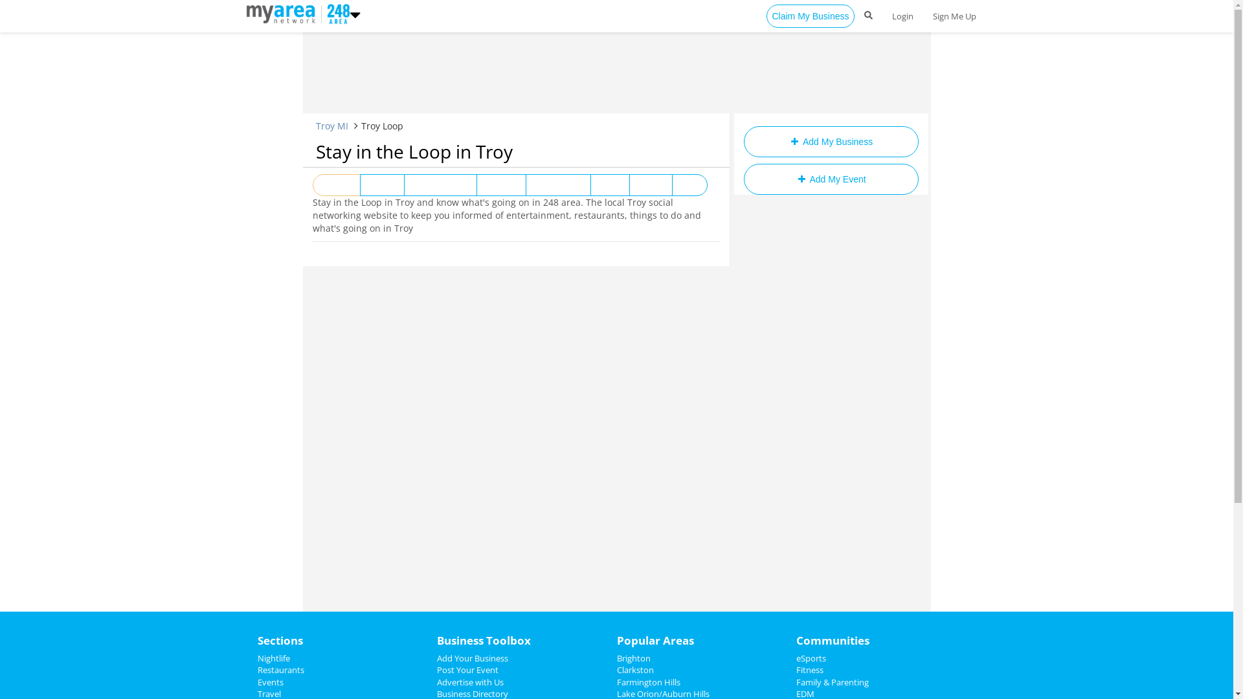  What do you see at coordinates (633, 658) in the screenshot?
I see `'Brighton'` at bounding box center [633, 658].